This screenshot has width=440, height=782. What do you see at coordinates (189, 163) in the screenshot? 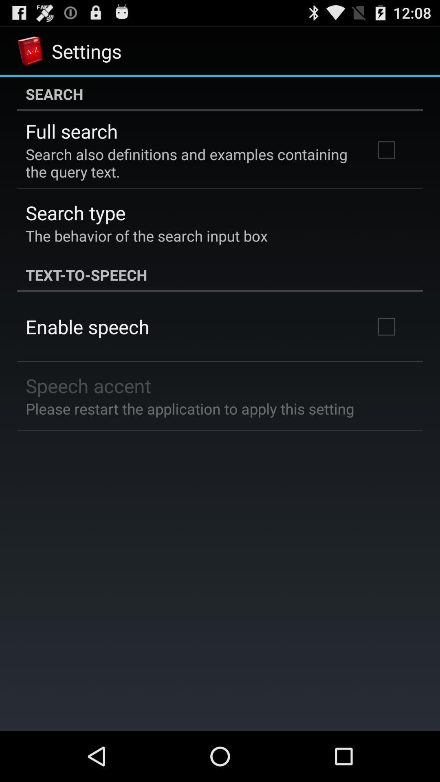
I see `item below full search app` at bounding box center [189, 163].